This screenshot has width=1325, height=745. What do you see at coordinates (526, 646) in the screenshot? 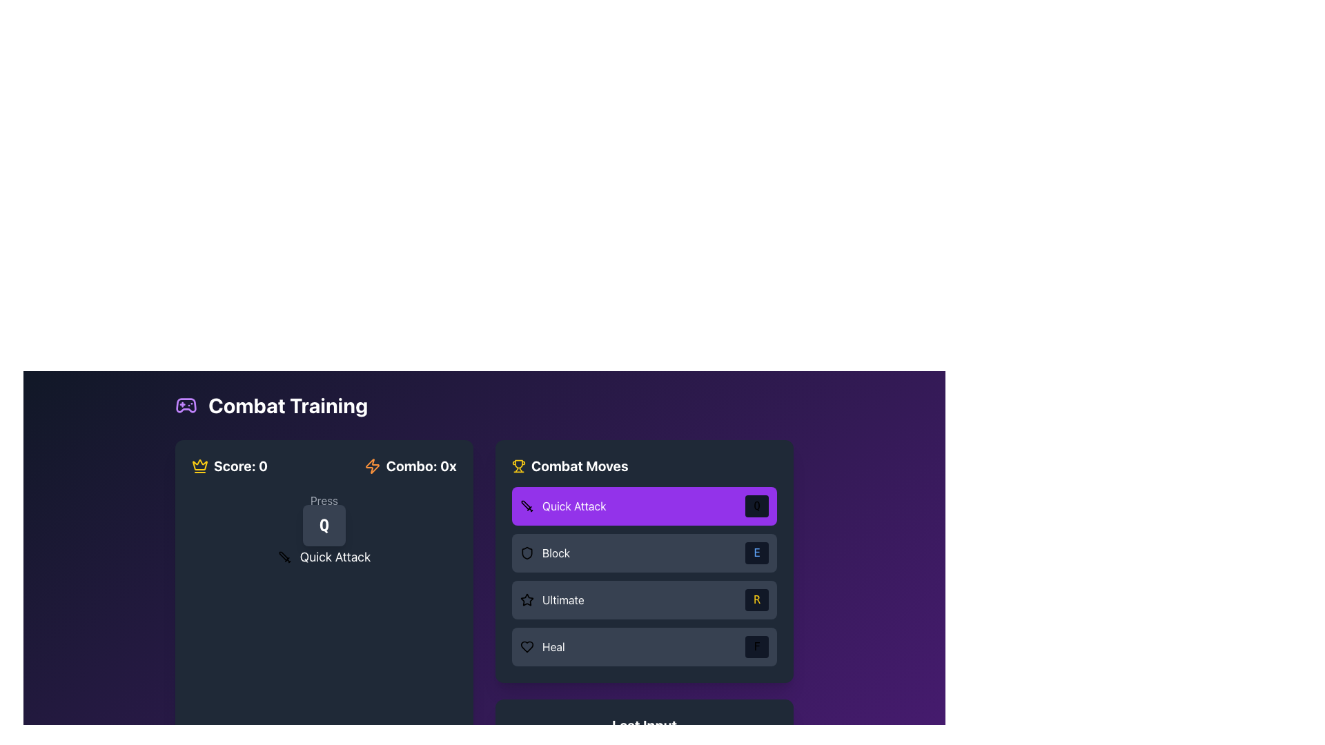
I see `the heart-shaped icon with a black outline located in the 'Combat Moves' section near the 'Heal' action` at bounding box center [526, 646].